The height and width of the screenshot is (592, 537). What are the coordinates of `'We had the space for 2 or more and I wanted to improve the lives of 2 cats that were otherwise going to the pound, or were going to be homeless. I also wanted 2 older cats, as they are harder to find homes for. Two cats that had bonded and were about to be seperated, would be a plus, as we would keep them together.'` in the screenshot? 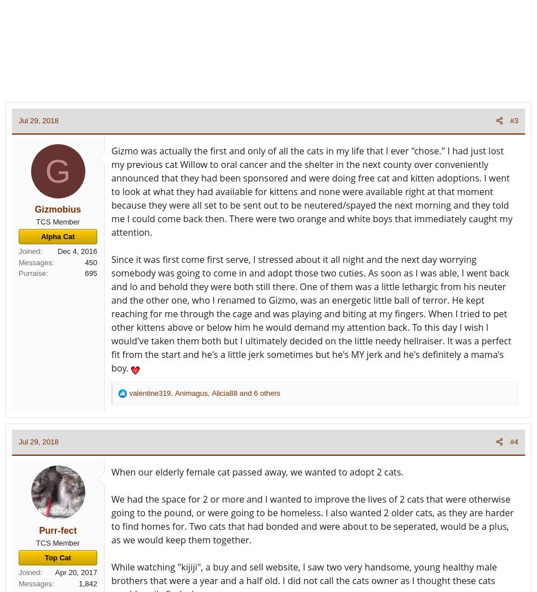 It's located at (111, 519).